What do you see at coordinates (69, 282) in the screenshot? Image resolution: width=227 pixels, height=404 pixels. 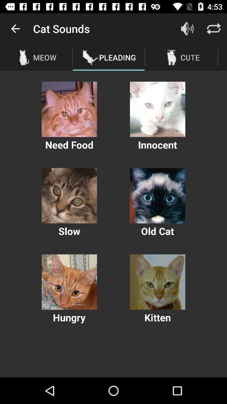 I see `hungry cat sound option` at bounding box center [69, 282].